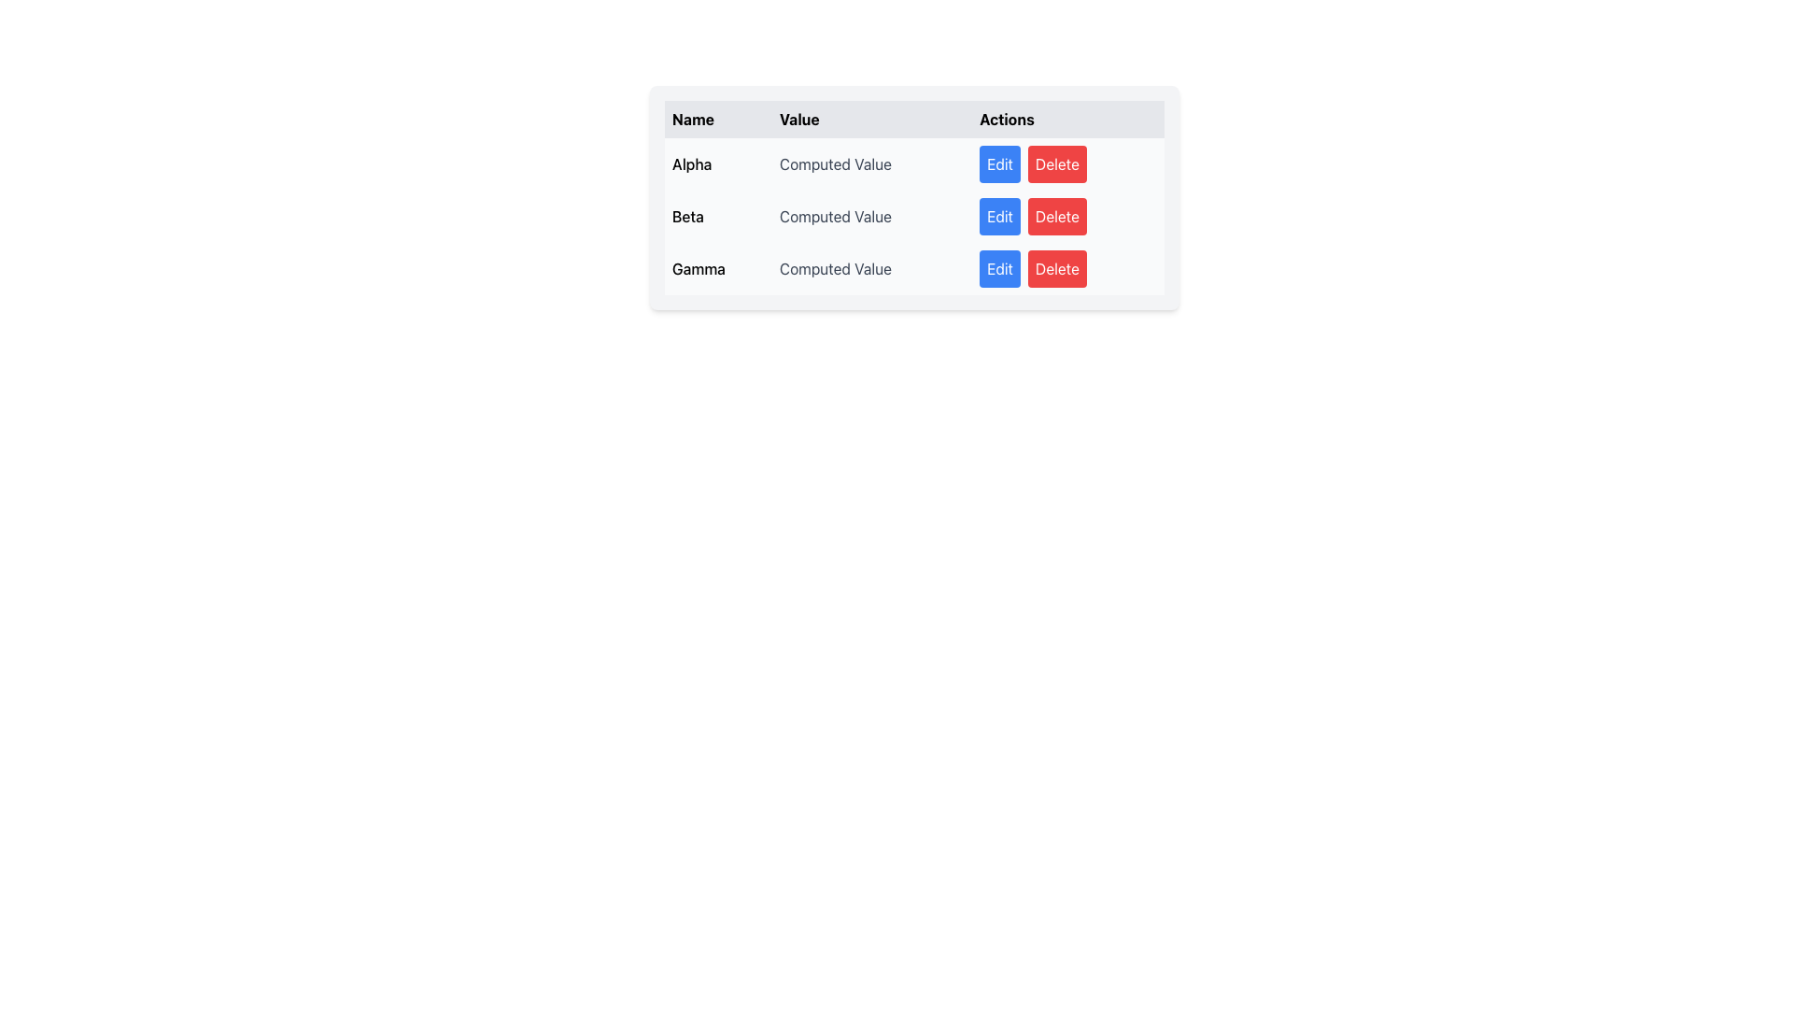 Image resolution: width=1793 pixels, height=1009 pixels. What do you see at coordinates (1057, 163) in the screenshot?
I see `the second button in the 'Actions' column of the table row, which is located to the right of the blue 'Edit' button` at bounding box center [1057, 163].